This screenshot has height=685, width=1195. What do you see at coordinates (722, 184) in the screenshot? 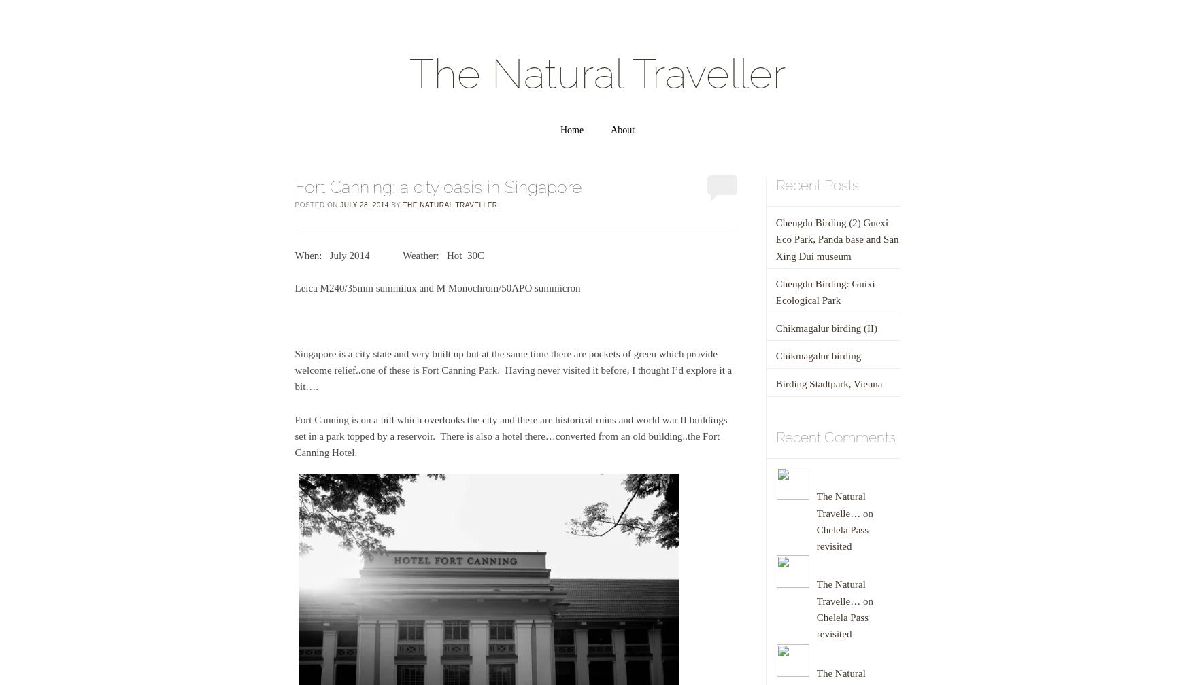
I see `'0'` at bounding box center [722, 184].